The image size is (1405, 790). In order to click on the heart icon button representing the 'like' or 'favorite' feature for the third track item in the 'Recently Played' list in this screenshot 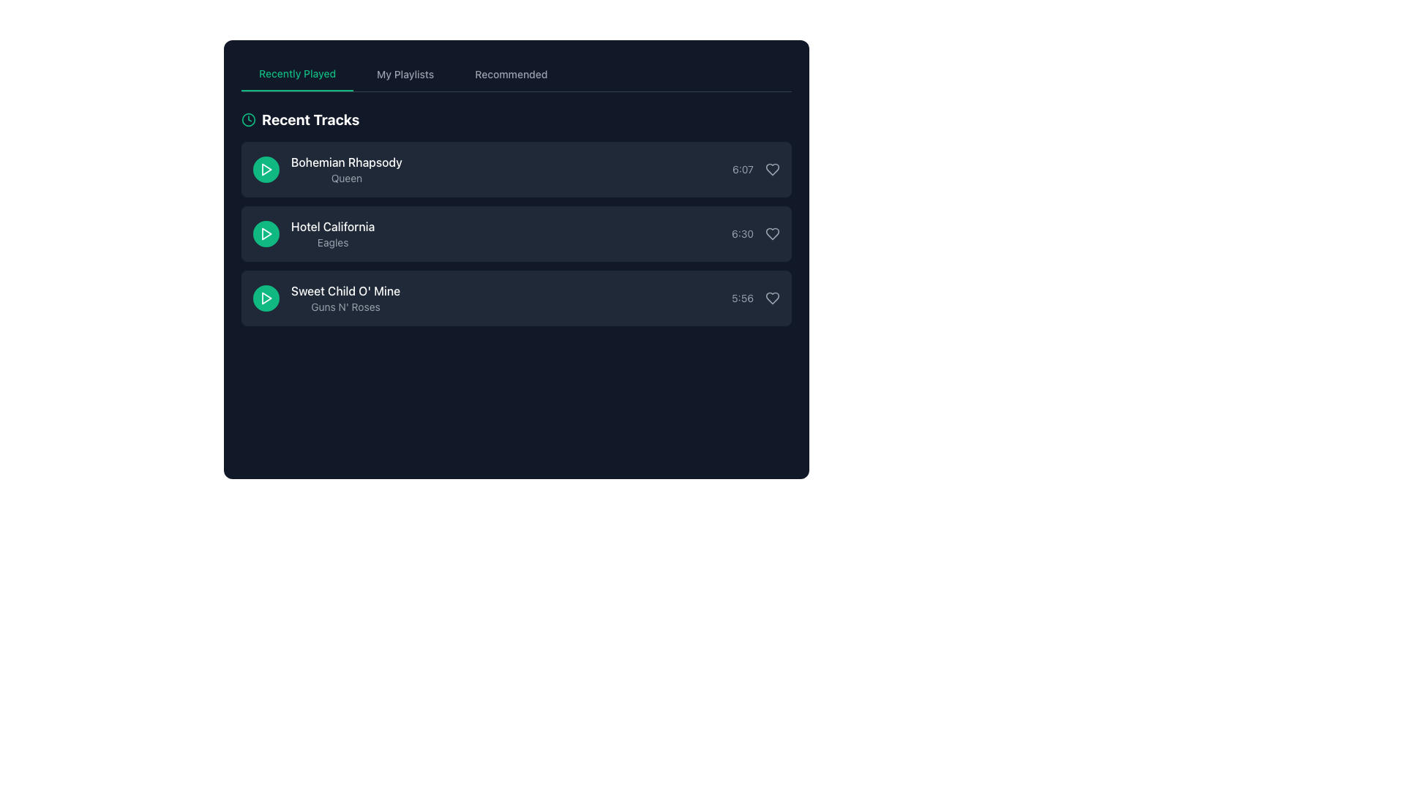, I will do `click(772, 298)`.